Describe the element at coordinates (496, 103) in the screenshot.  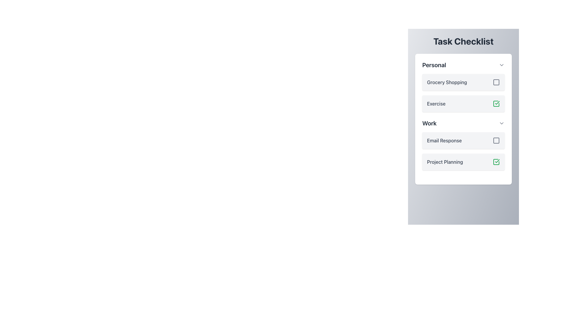
I see `the center of the interactive checkbox for the 'Exercise' task in the 'Task Checklist'` at that location.